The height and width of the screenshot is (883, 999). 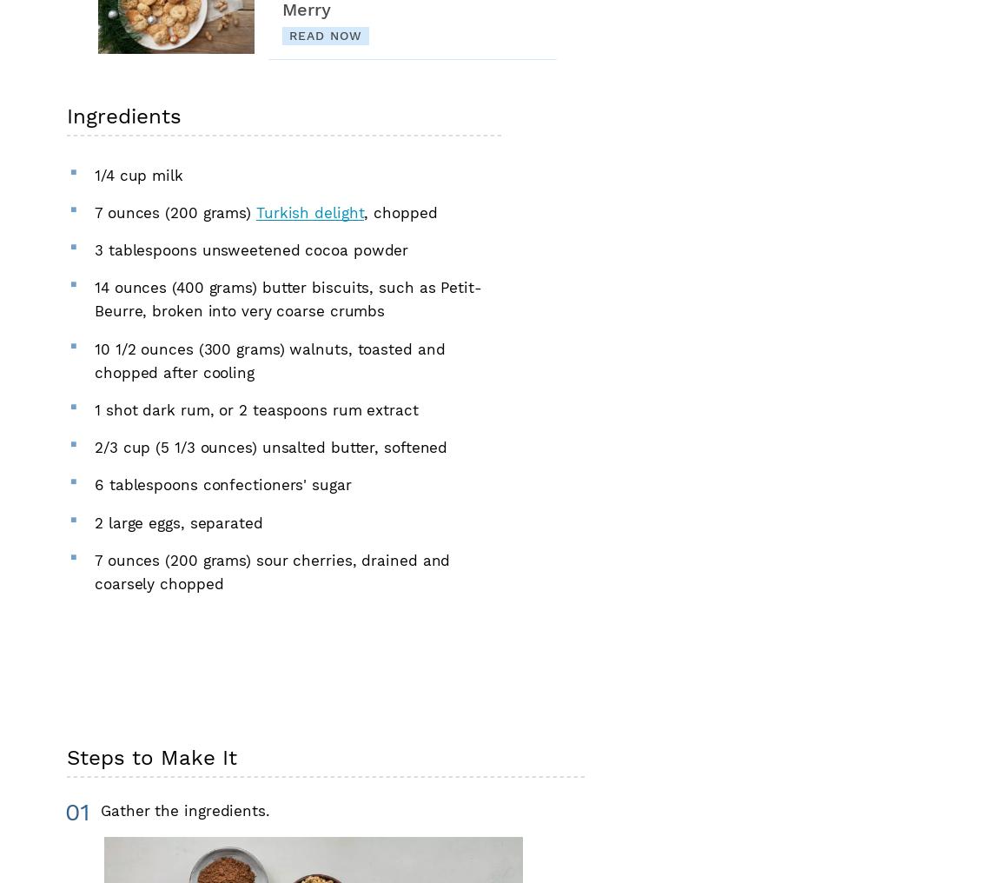 What do you see at coordinates (97, 249) in the screenshot?
I see `'3'` at bounding box center [97, 249].